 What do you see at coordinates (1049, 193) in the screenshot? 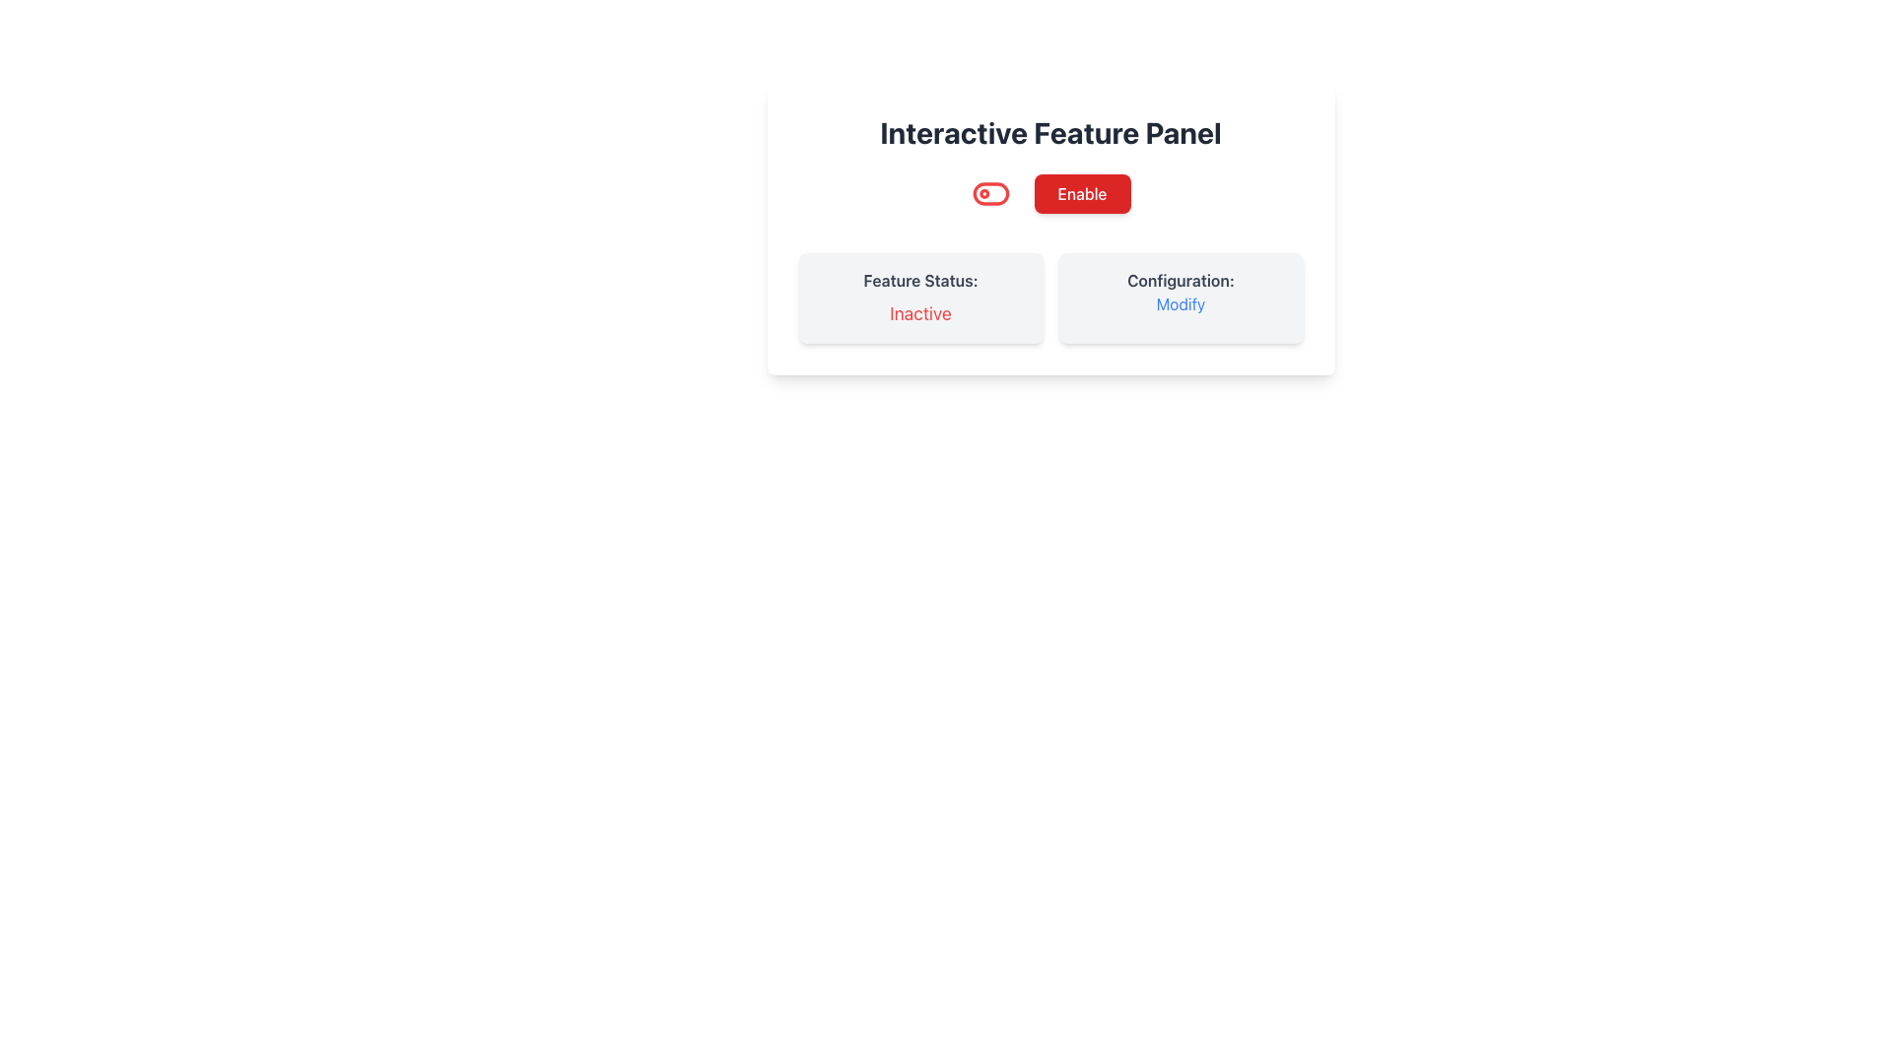
I see `the second button in the 'Interactive Feature Panel'` at bounding box center [1049, 193].